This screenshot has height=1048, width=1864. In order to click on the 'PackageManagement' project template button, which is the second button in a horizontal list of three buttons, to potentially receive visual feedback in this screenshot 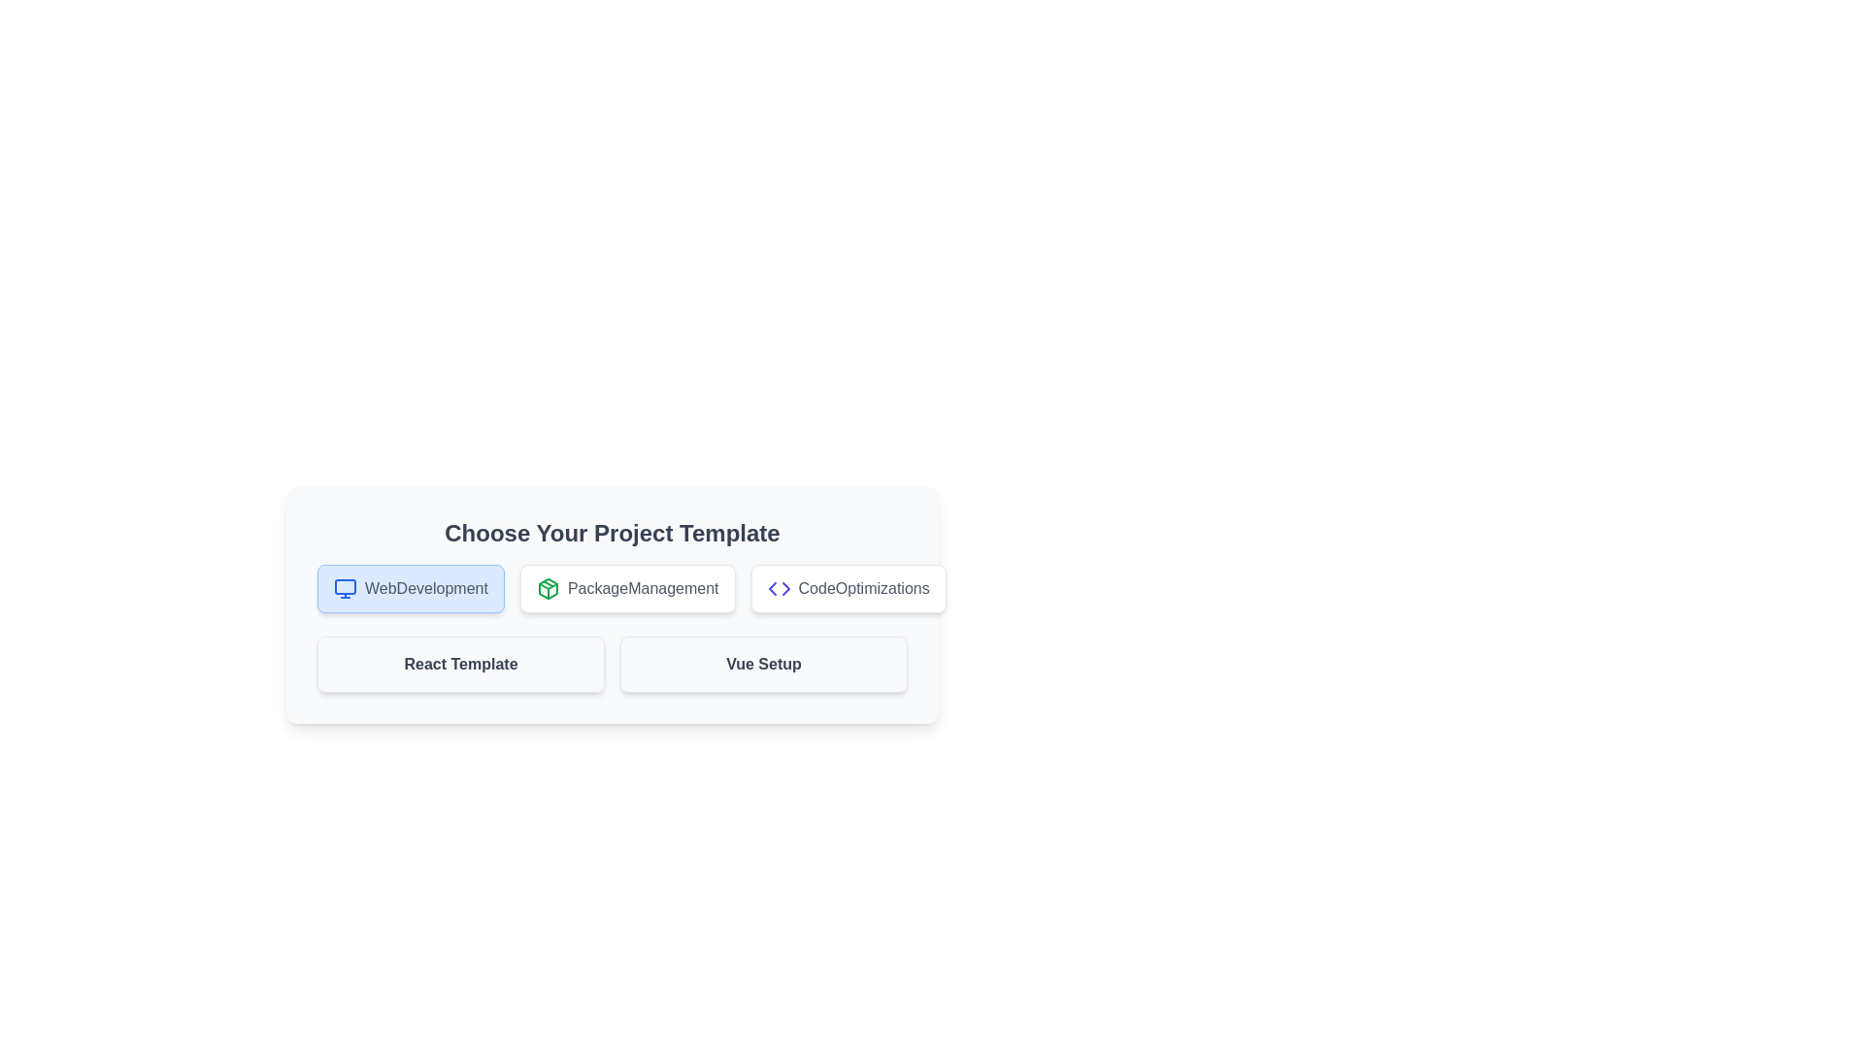, I will do `click(627, 587)`.